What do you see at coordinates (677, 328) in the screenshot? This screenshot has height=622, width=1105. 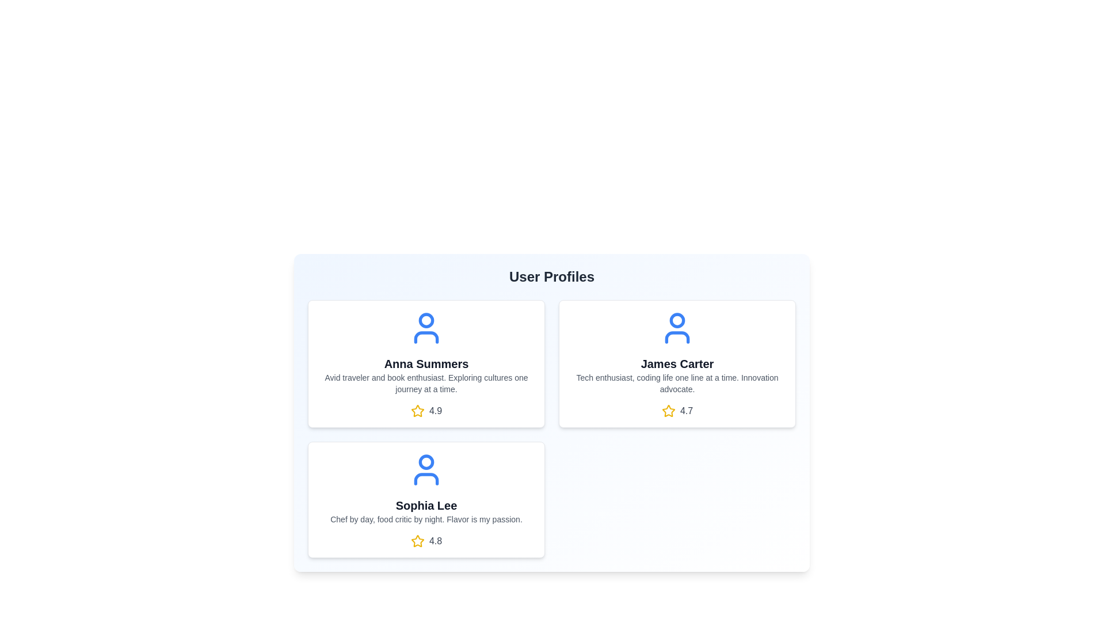 I see `the avatar icon of the user James Carter` at bounding box center [677, 328].